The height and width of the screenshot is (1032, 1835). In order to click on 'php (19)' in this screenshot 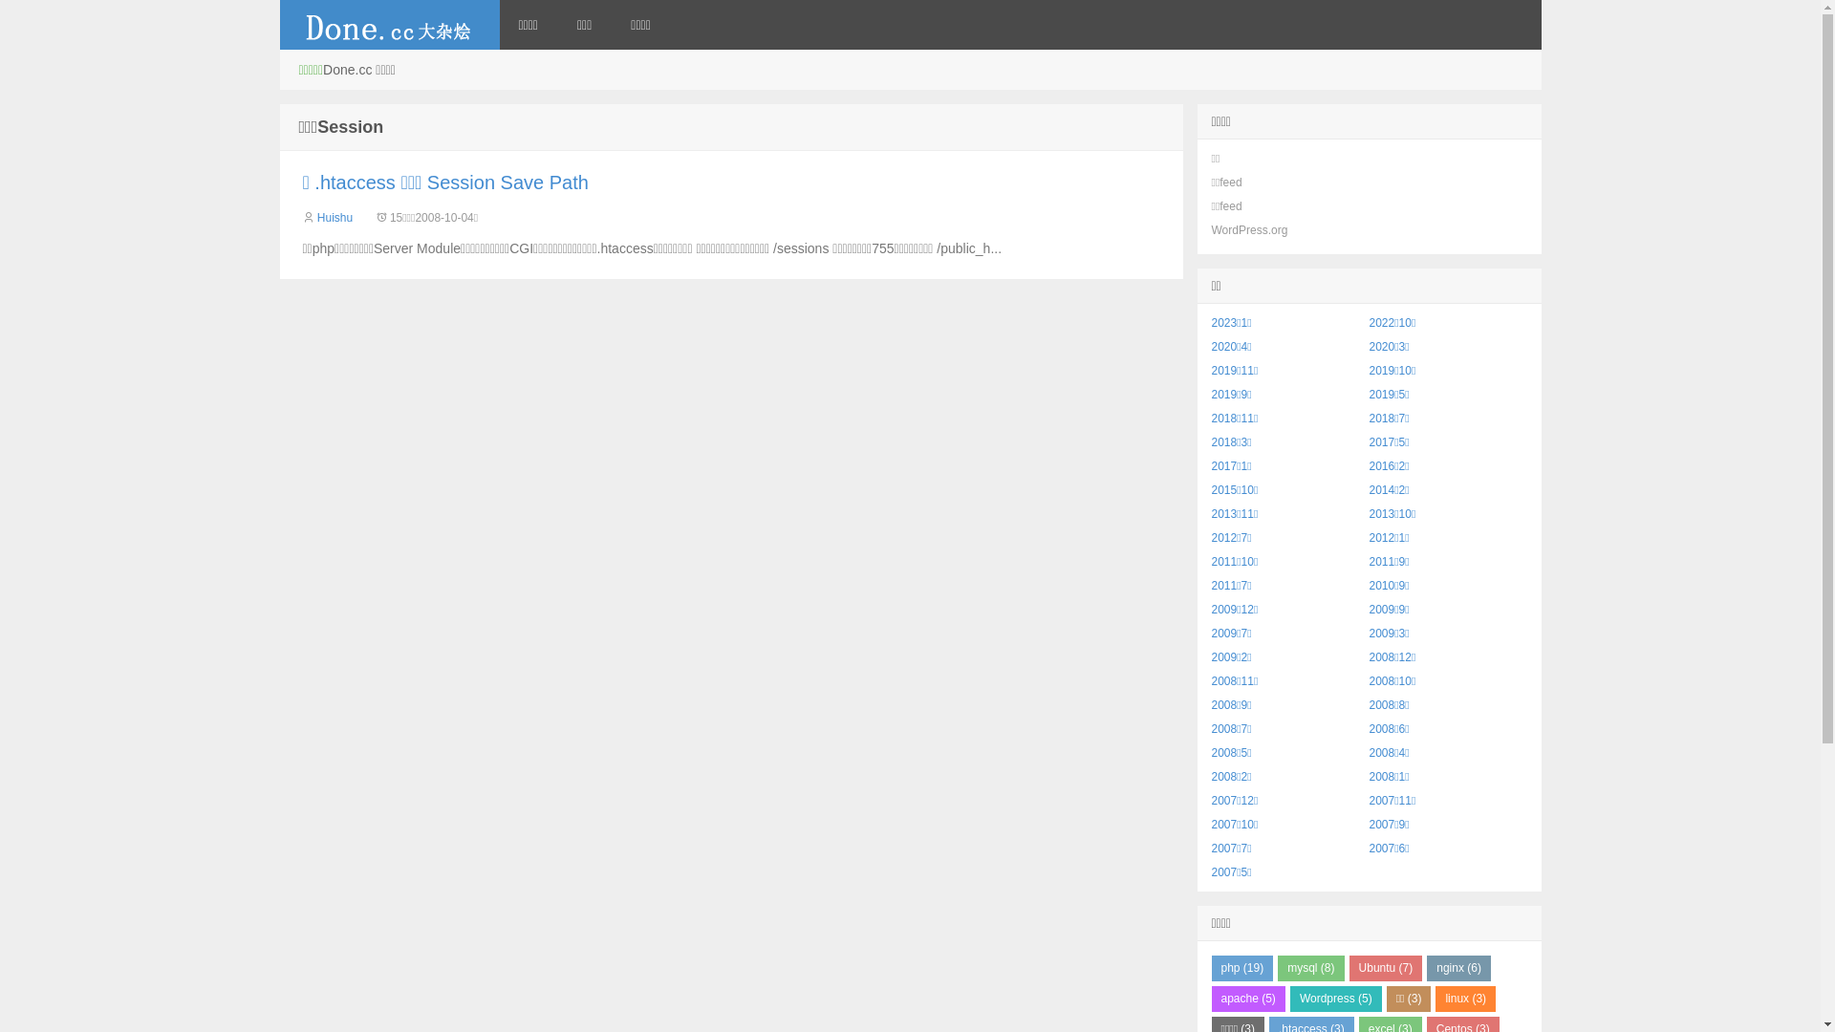, I will do `click(1242, 968)`.